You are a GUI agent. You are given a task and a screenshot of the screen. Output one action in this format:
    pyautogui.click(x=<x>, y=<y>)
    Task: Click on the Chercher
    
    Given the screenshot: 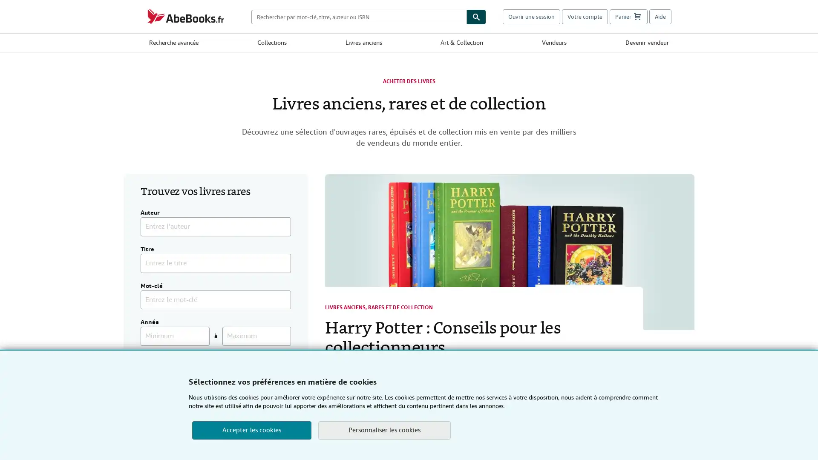 What is the action you would take?
    pyautogui.click(x=167, y=437)
    